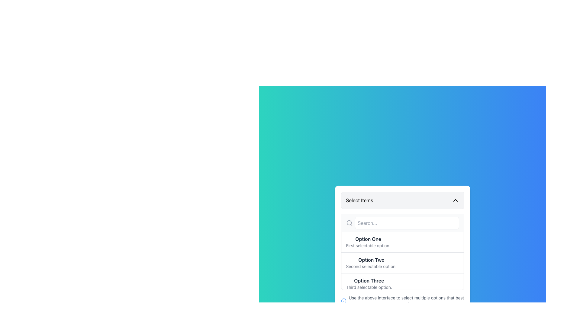 The width and height of the screenshot is (580, 326). Describe the element at coordinates (455, 200) in the screenshot. I see `the Chevon Down Icon` at that location.